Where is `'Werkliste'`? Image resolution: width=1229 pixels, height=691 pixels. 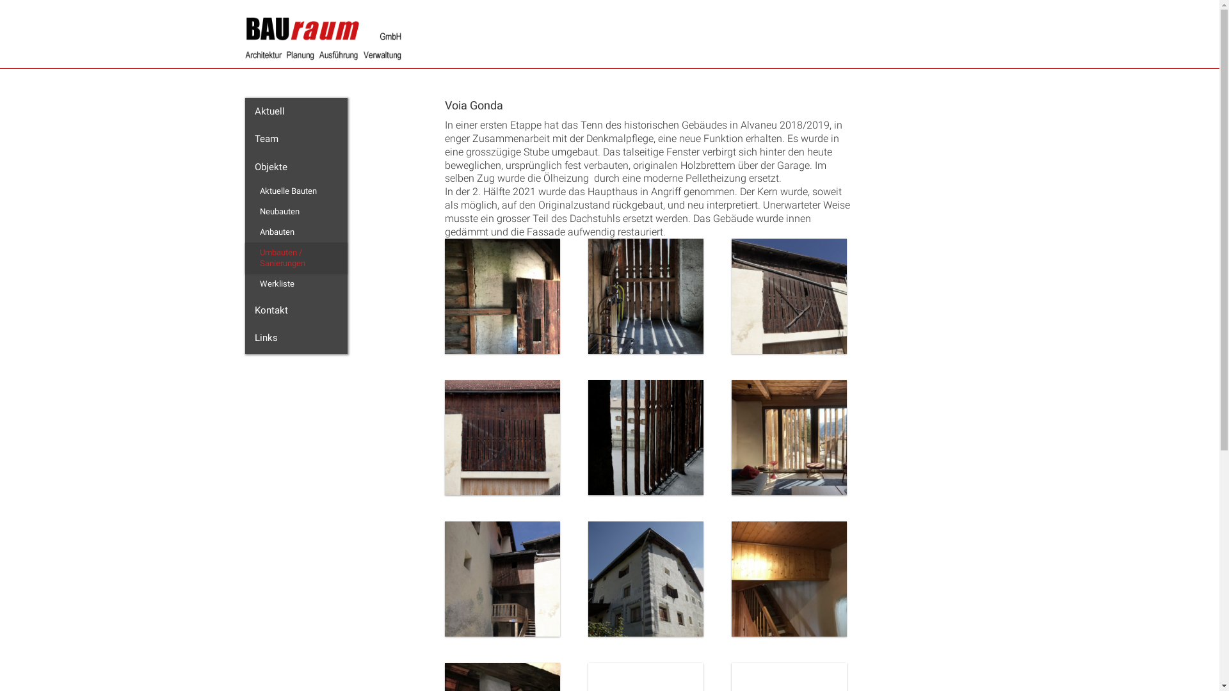 'Werkliste' is located at coordinates (249, 283).